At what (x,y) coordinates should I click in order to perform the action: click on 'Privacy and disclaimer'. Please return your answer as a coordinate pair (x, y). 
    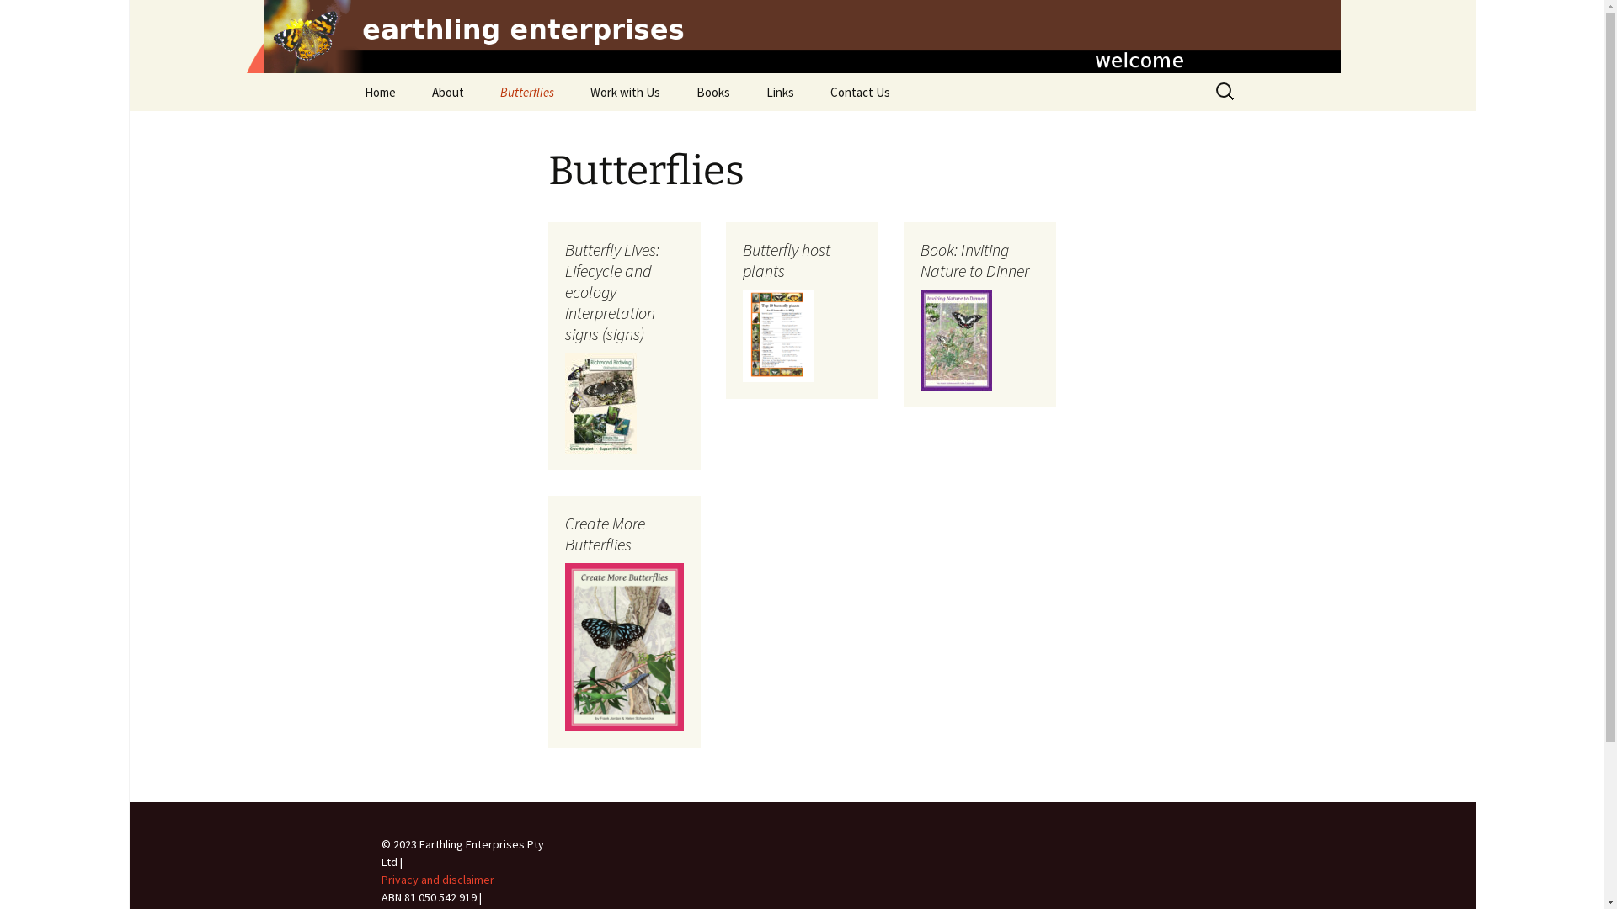
    Looking at the image, I should click on (436, 879).